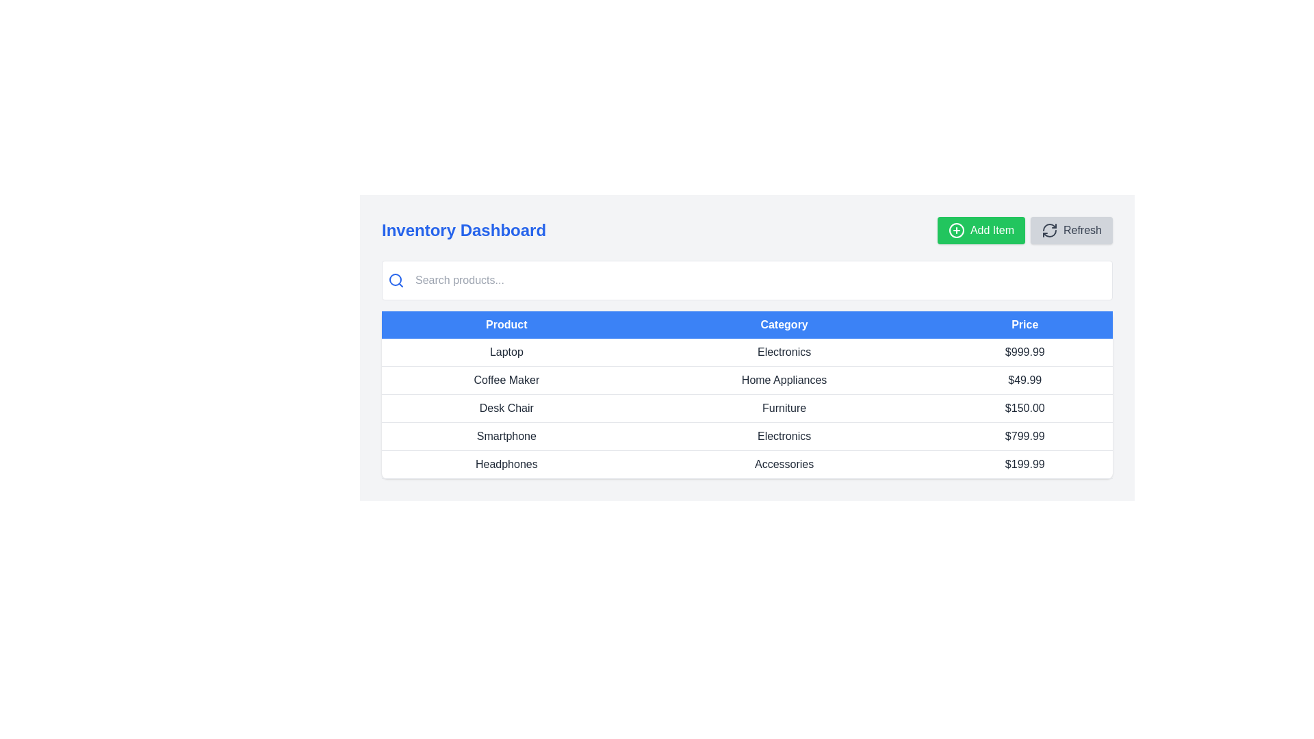 This screenshot has height=739, width=1314. What do you see at coordinates (955, 229) in the screenshot?
I see `the 'Add Item' button's icon, which represents the action of adding an item to a list` at bounding box center [955, 229].